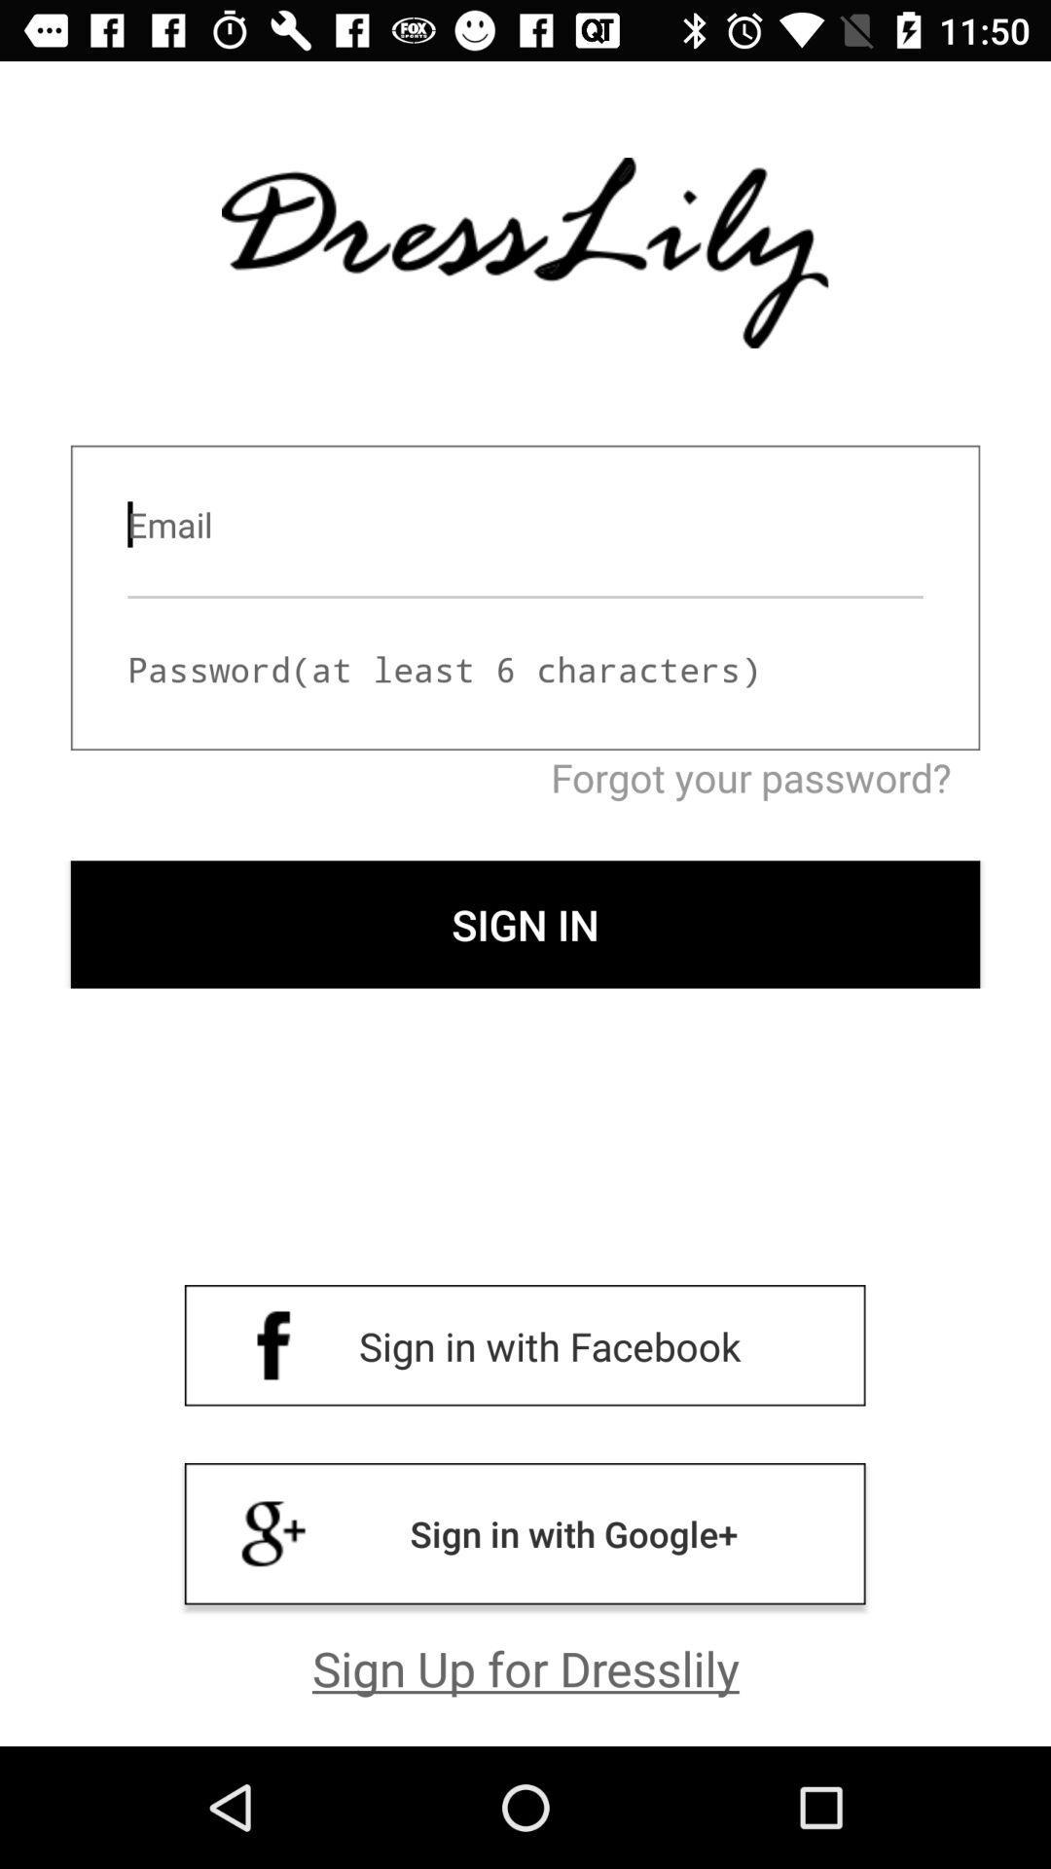  What do you see at coordinates (525, 776) in the screenshot?
I see `item above the sign in` at bounding box center [525, 776].